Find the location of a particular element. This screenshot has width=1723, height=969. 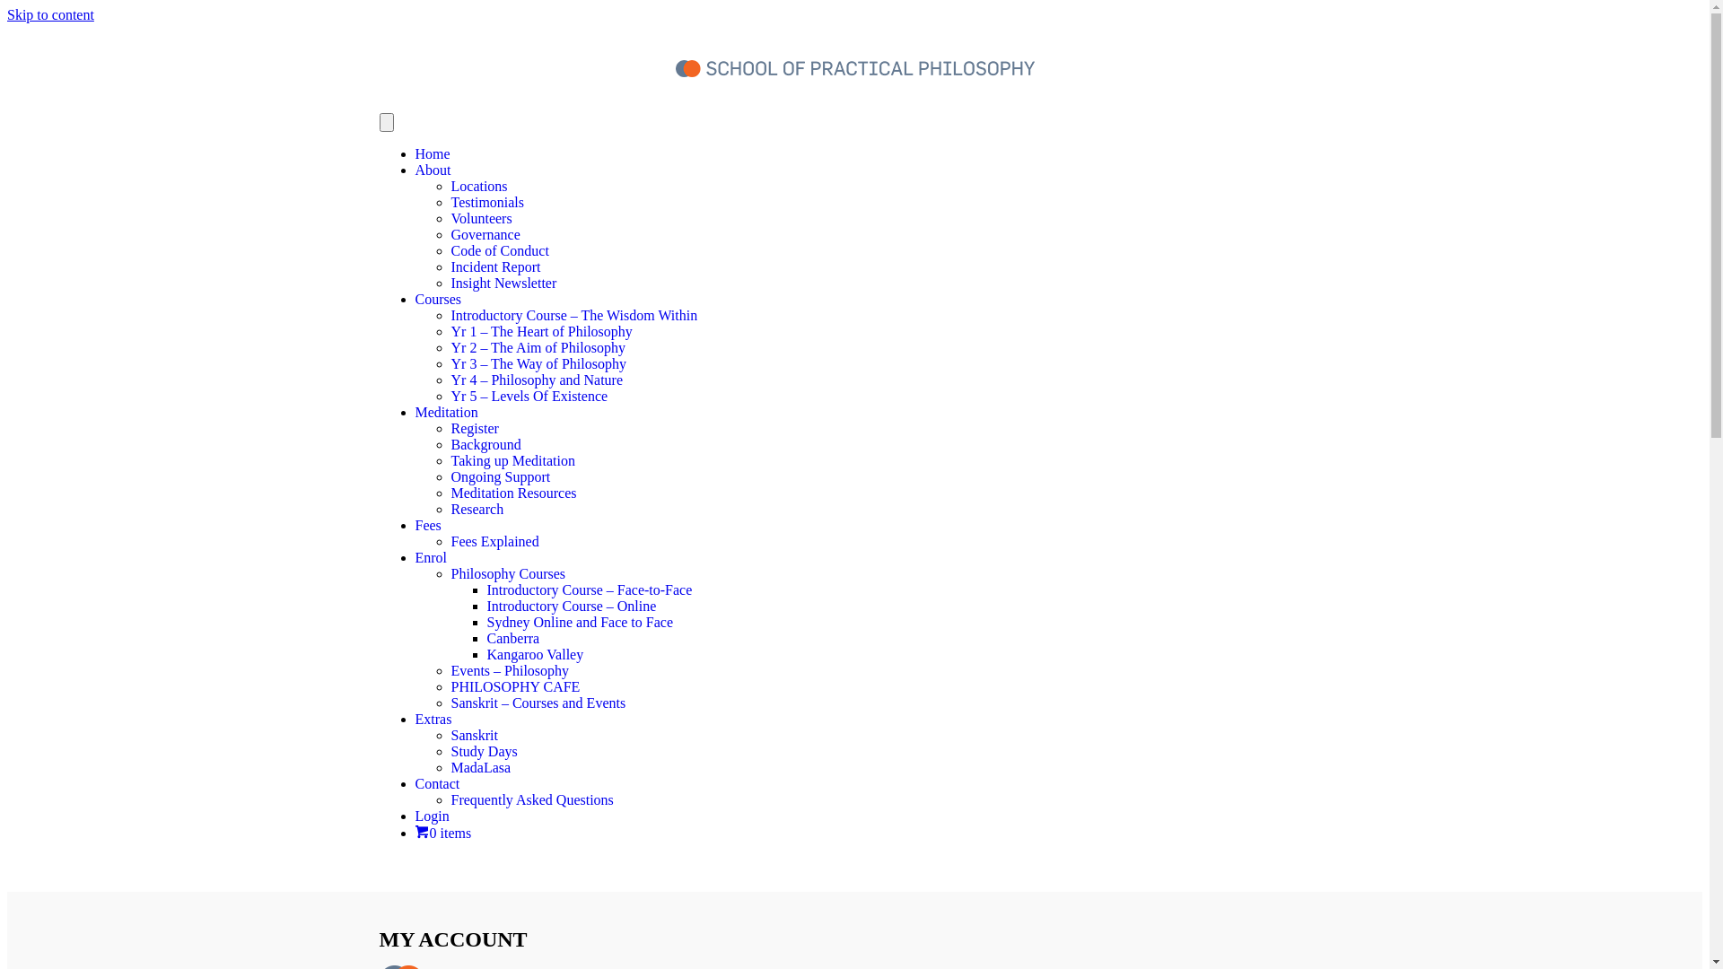

'School of Practical Philosophy' is located at coordinates (674, 67).